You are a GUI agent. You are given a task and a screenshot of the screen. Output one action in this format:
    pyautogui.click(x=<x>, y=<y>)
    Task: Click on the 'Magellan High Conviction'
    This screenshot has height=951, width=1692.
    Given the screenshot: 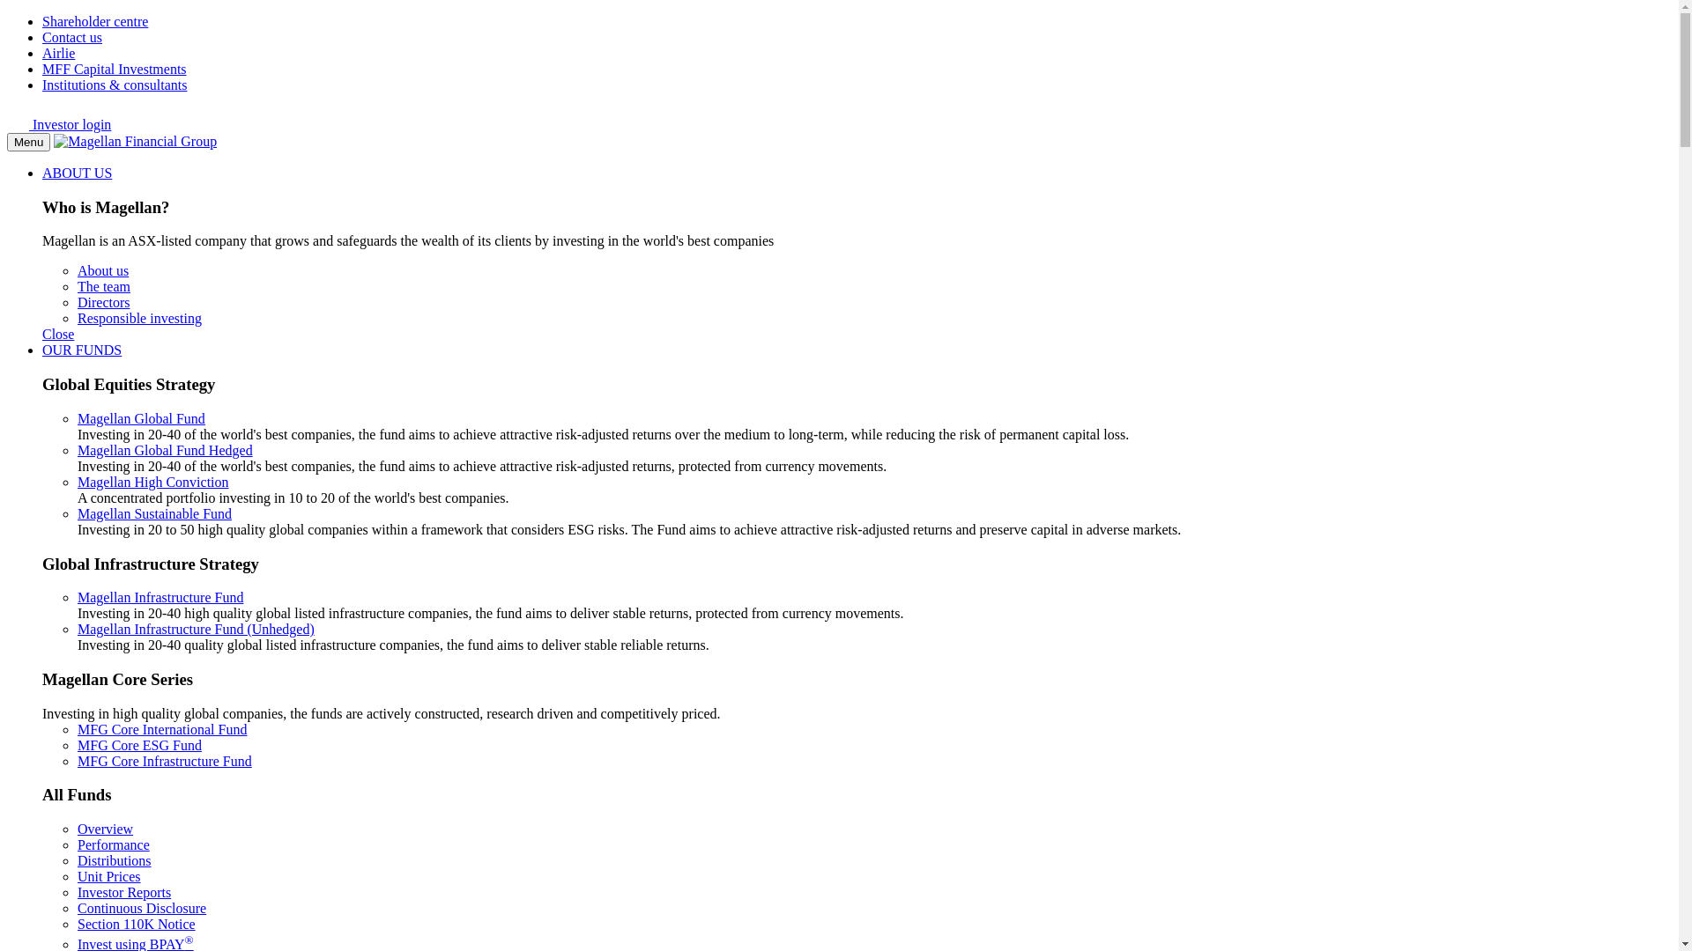 What is the action you would take?
    pyautogui.click(x=152, y=482)
    